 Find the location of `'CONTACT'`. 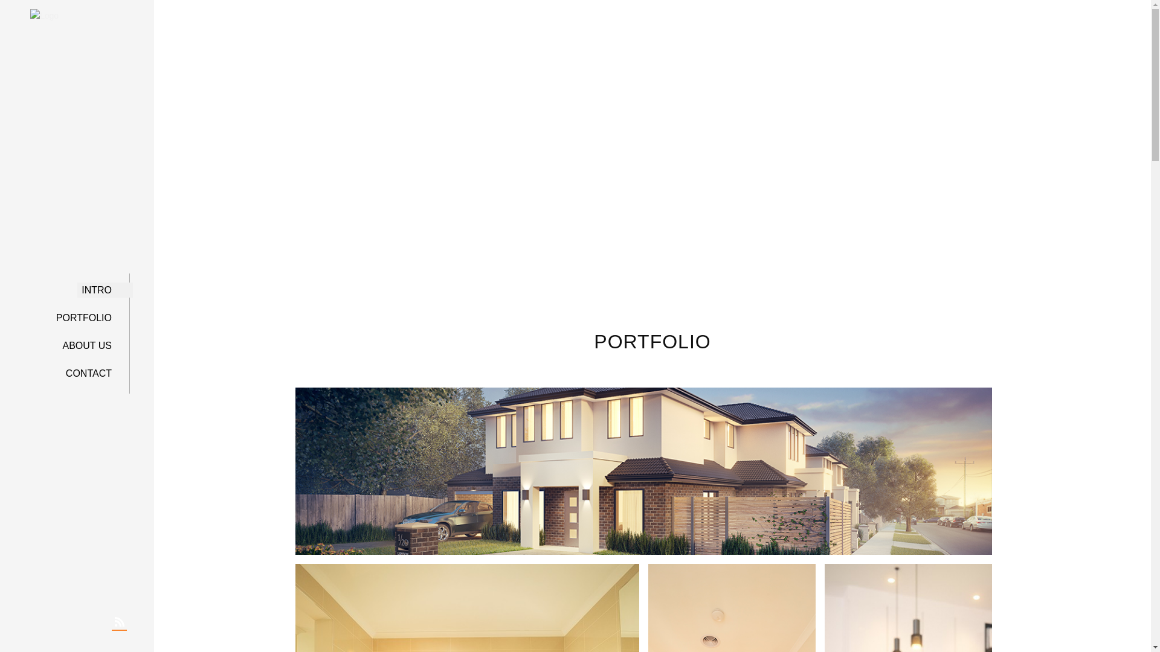

'CONTACT' is located at coordinates (94, 372).